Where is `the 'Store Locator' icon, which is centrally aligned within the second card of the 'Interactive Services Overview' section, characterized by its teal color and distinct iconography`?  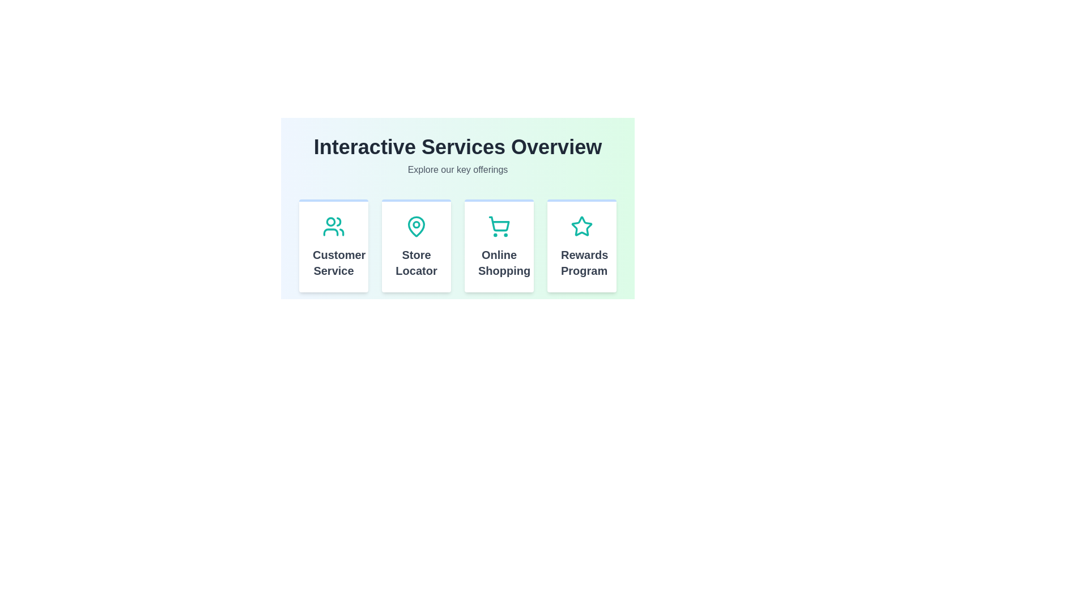 the 'Store Locator' icon, which is centrally aligned within the second card of the 'Interactive Services Overview' section, characterized by its teal color and distinct iconography is located at coordinates (415, 227).